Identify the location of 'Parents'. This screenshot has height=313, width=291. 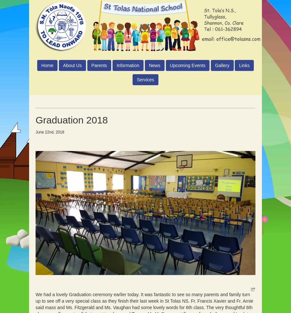
(99, 65).